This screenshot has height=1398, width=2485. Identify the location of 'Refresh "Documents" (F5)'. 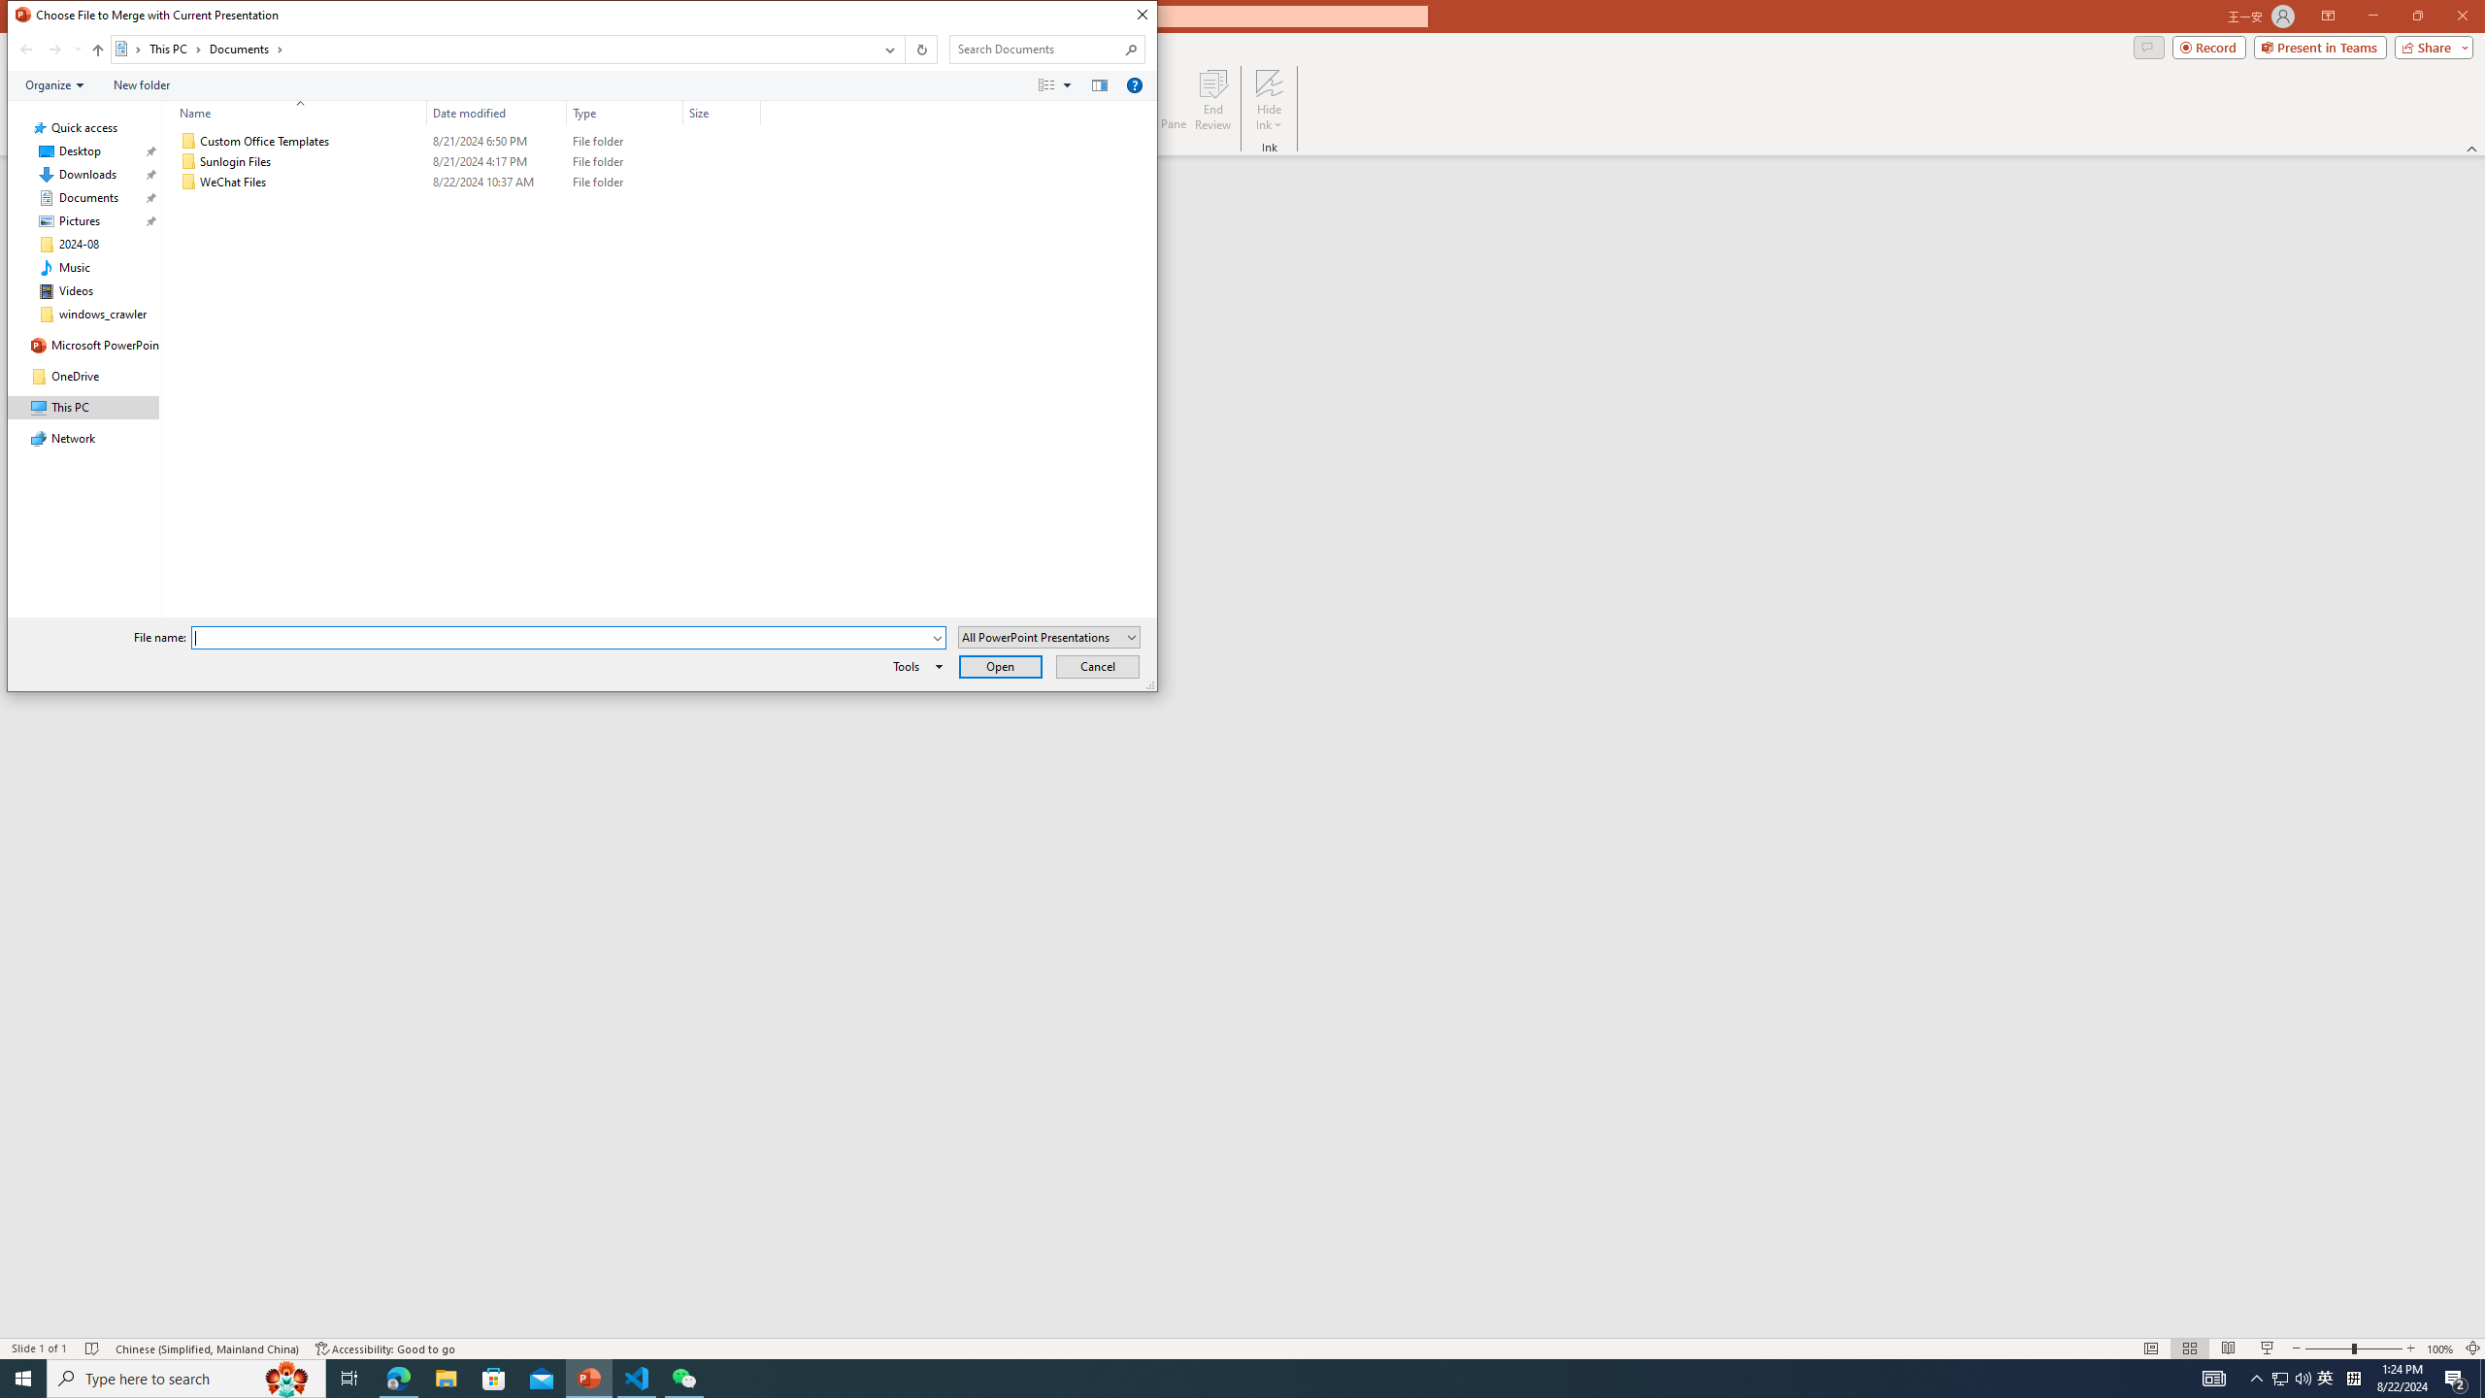
(919, 49).